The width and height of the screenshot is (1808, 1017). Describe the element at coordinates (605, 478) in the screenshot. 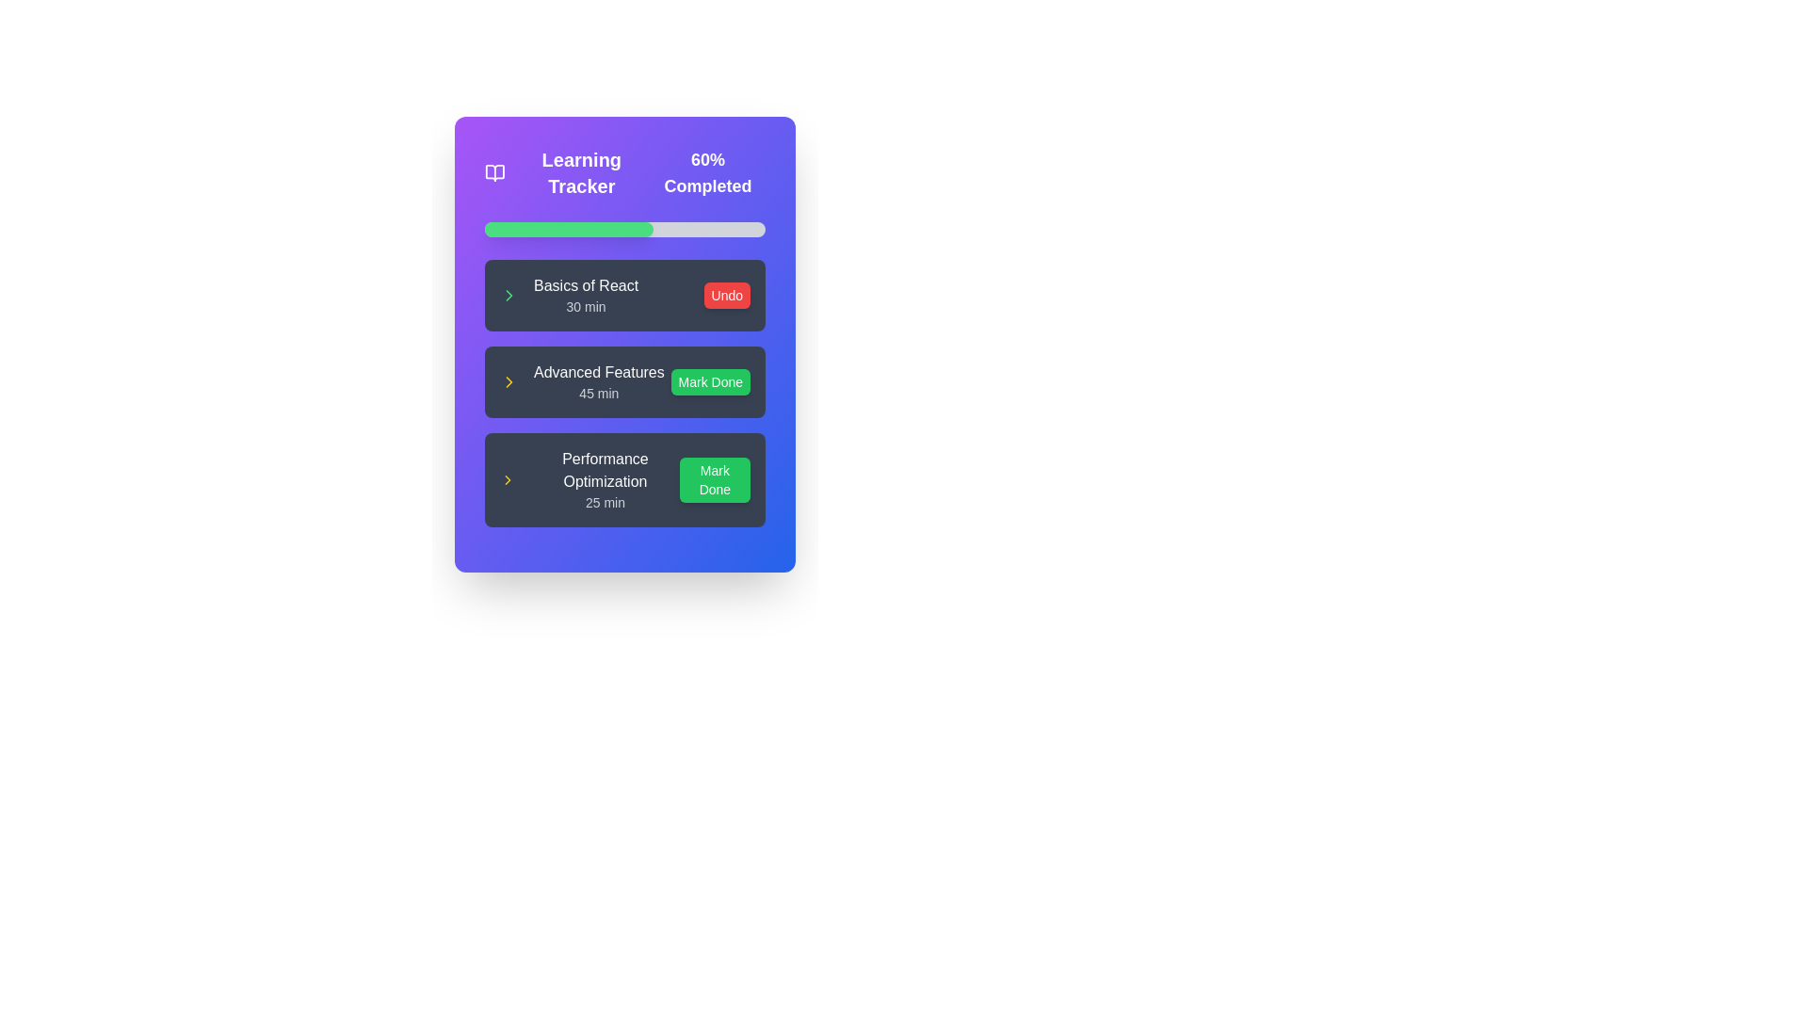

I see `the Text Display component that shows 'Performance Optimization', located above '25 min' and below 'Advanced Features' in the Learning Tracker section` at that location.